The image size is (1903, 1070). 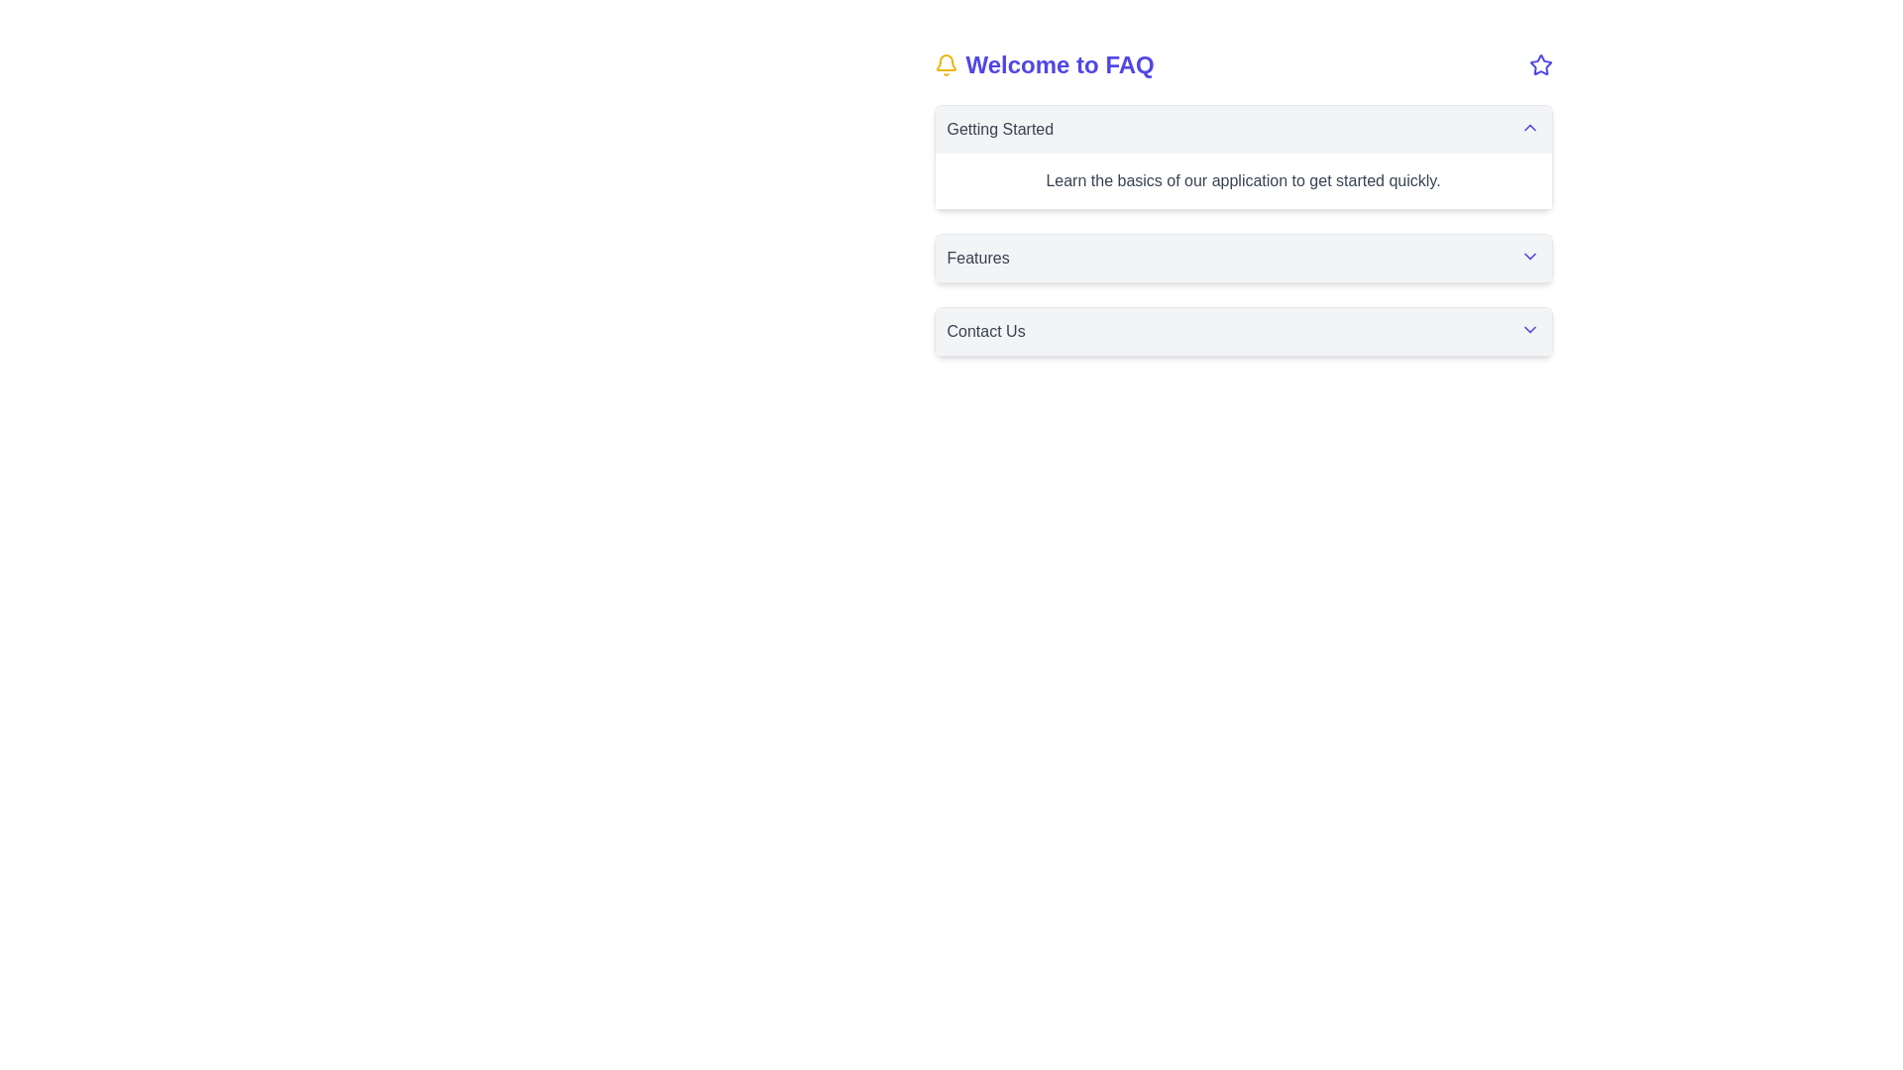 I want to click on the star-shaped icon located at the top-right corner of the header section titled 'Welcome to FAQ' for interaction, so click(x=1539, y=63).